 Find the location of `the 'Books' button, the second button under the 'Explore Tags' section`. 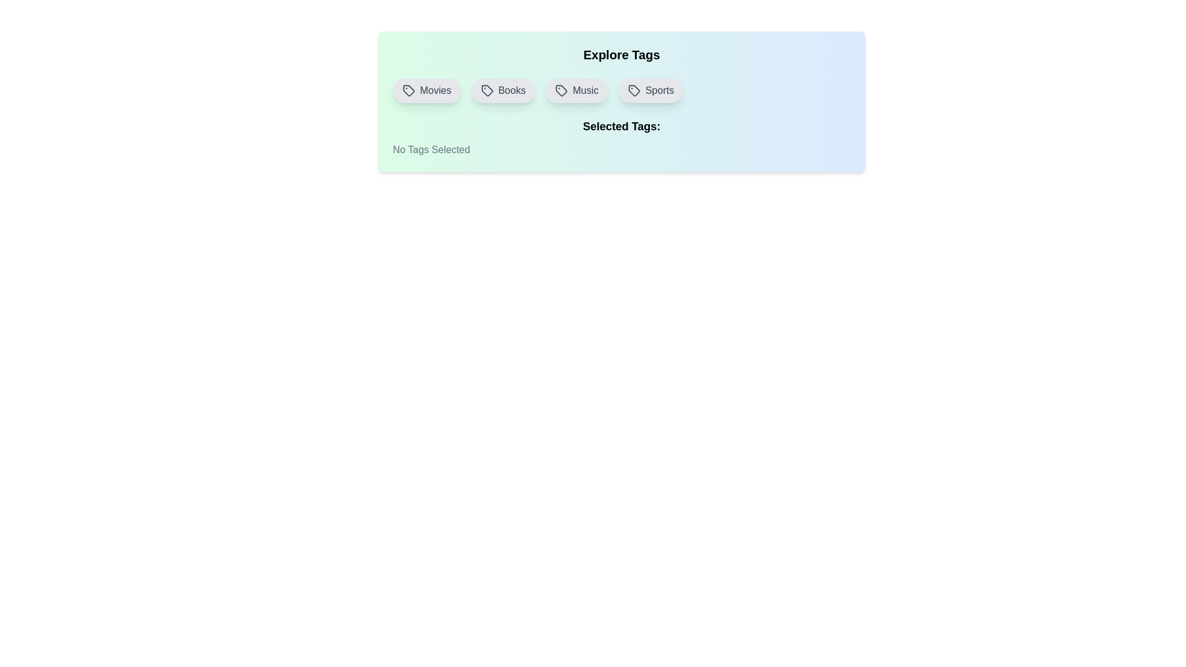

the 'Books' button, the second button under the 'Explore Tags' section is located at coordinates (503, 90).